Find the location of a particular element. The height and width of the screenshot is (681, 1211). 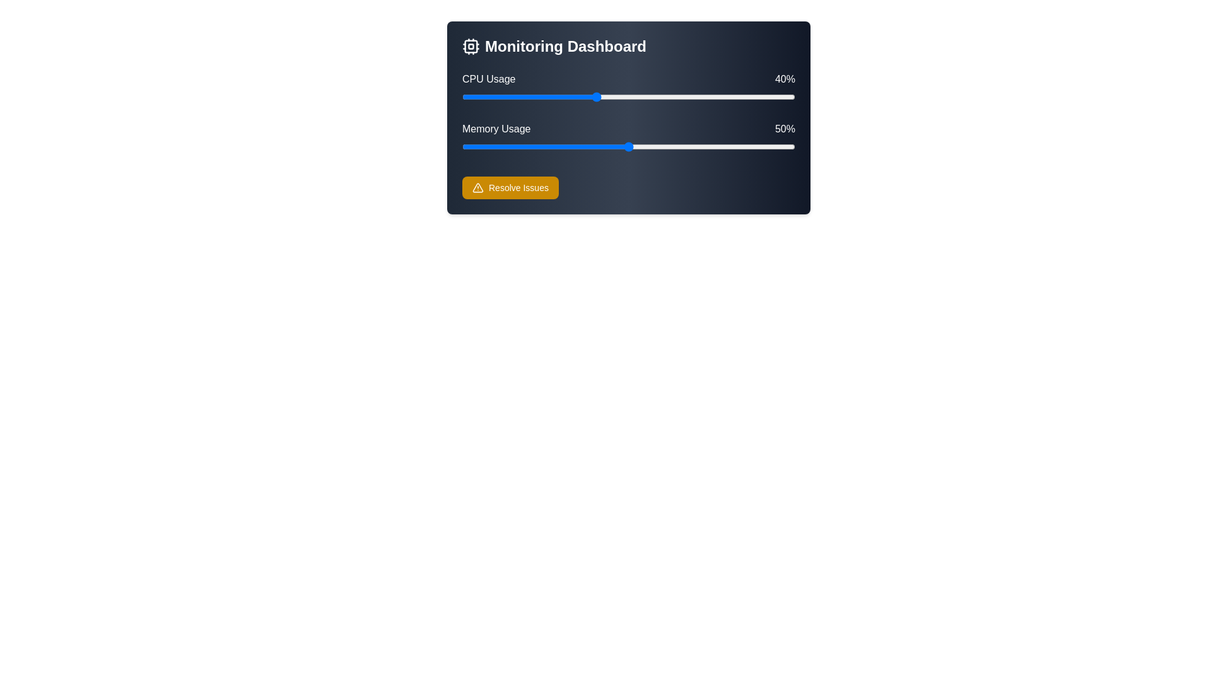

Memory Usage is located at coordinates (565, 146).